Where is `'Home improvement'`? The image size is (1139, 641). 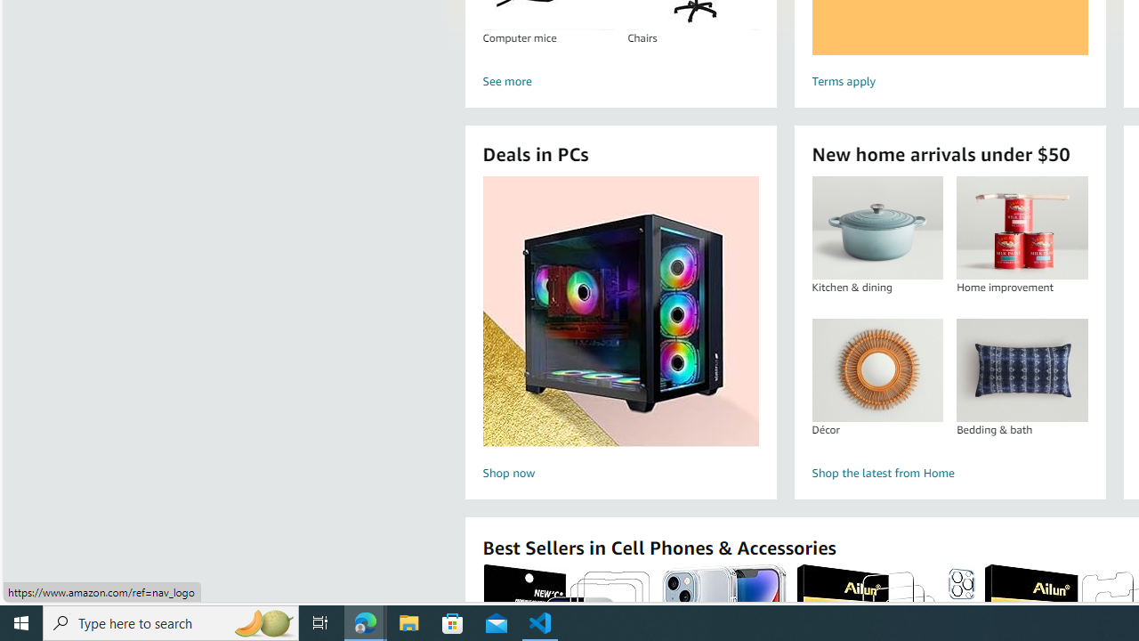
'Home improvement' is located at coordinates (1022, 227).